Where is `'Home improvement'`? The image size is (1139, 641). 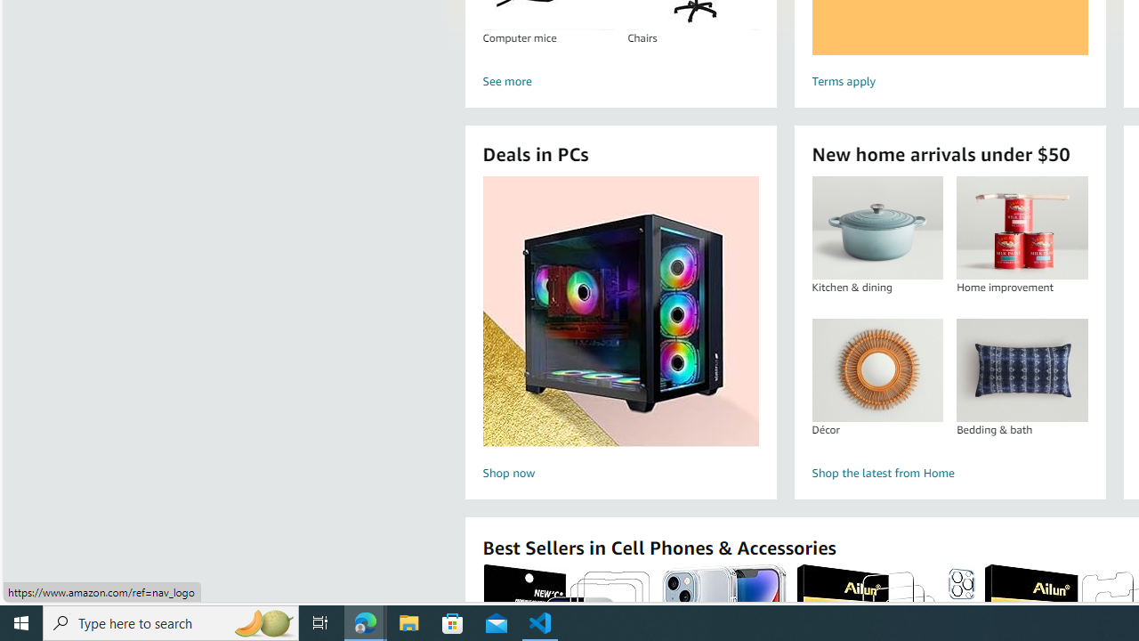
'Home improvement' is located at coordinates (1022, 227).